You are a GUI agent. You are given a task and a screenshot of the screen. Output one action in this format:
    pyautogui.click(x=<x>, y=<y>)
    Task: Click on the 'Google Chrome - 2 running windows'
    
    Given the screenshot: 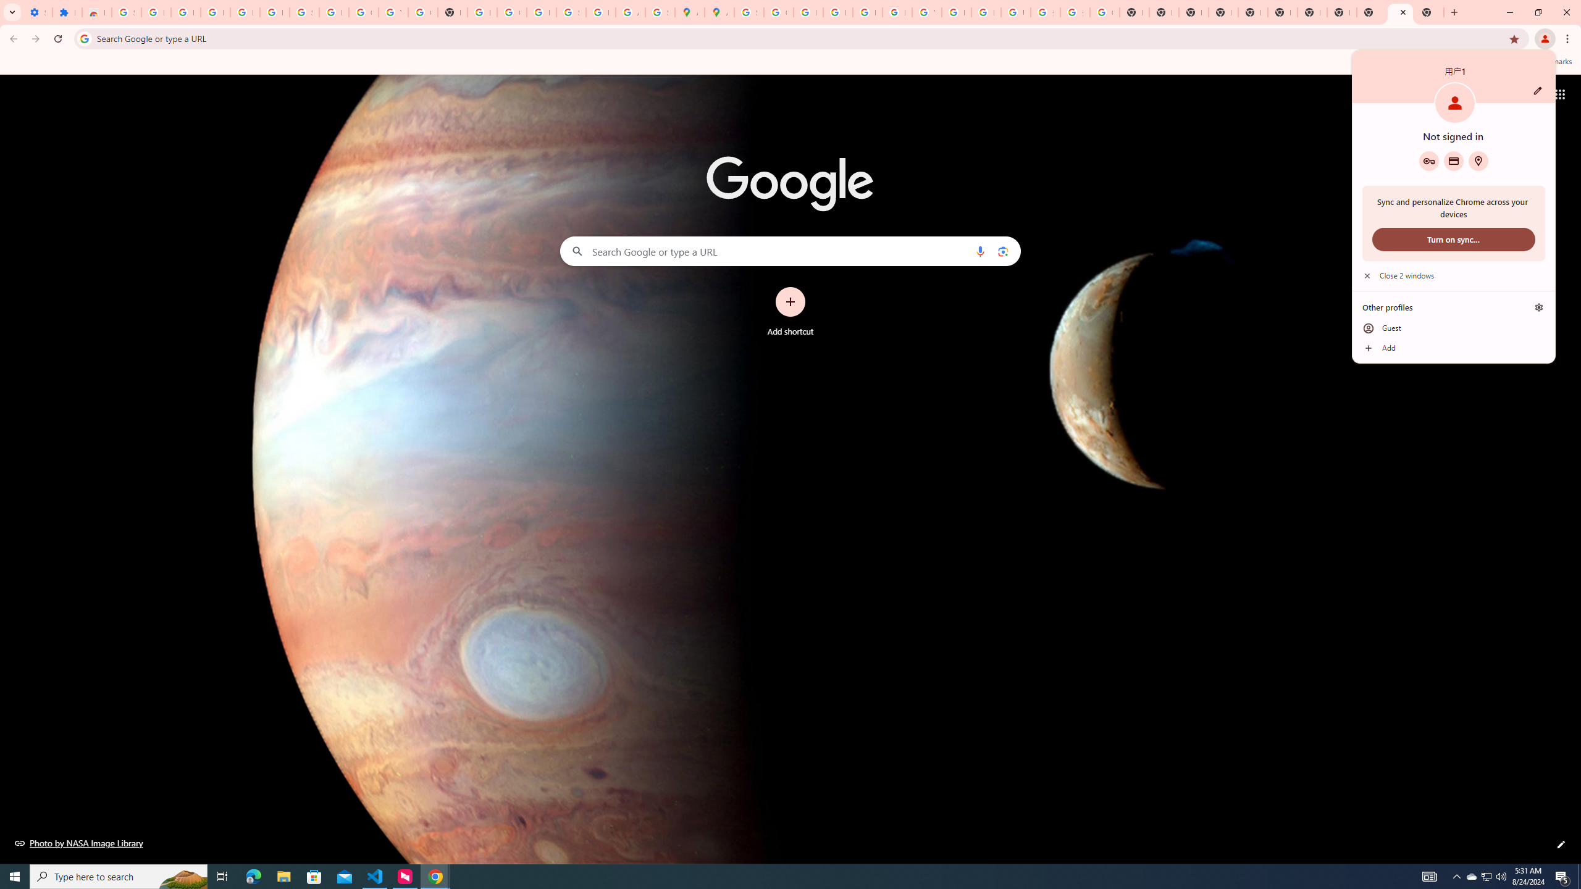 What is the action you would take?
    pyautogui.click(x=435, y=875)
    